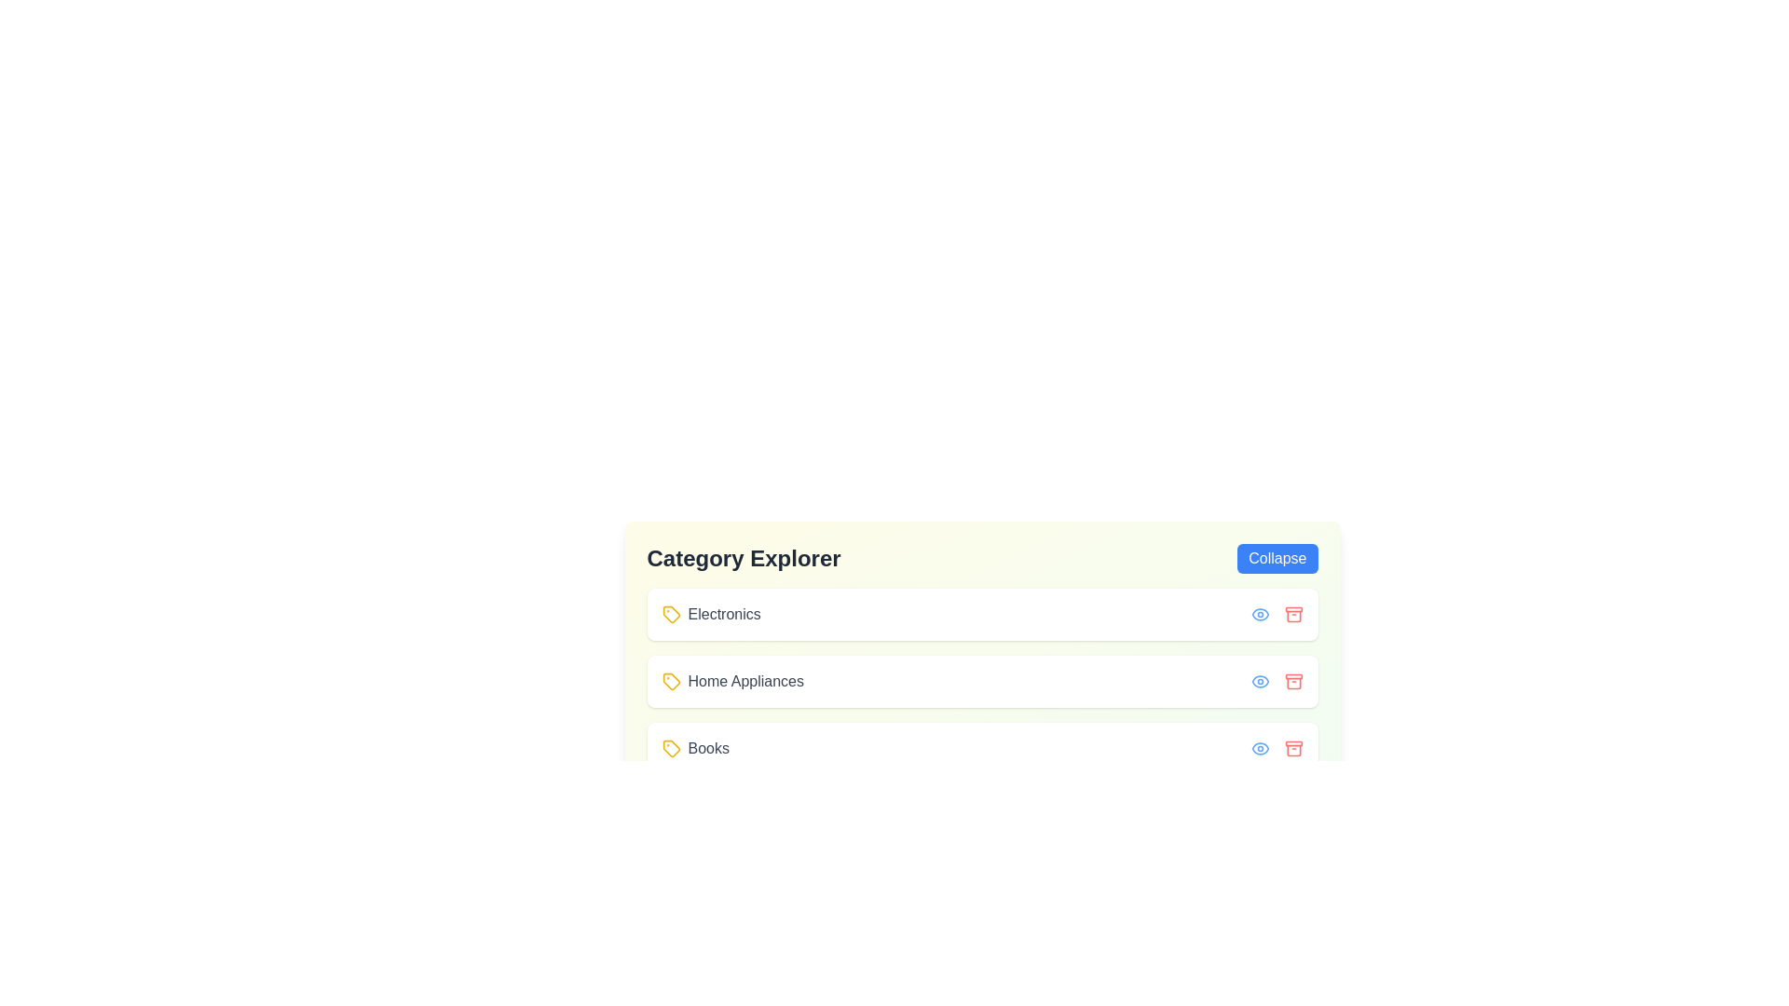  I want to click on the eye icon in the 'Category Explorer' section, so click(1260, 747).